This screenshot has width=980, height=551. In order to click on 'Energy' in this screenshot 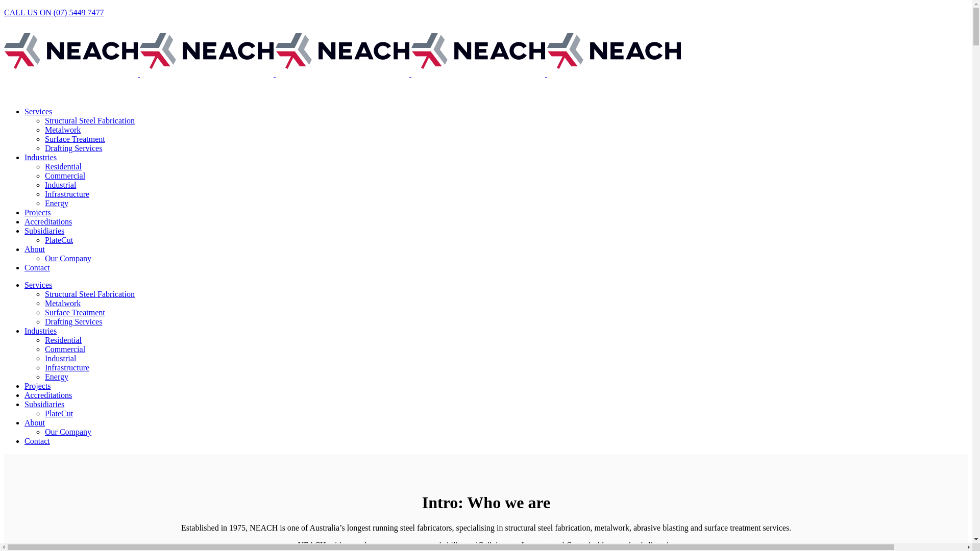, I will do `click(56, 377)`.